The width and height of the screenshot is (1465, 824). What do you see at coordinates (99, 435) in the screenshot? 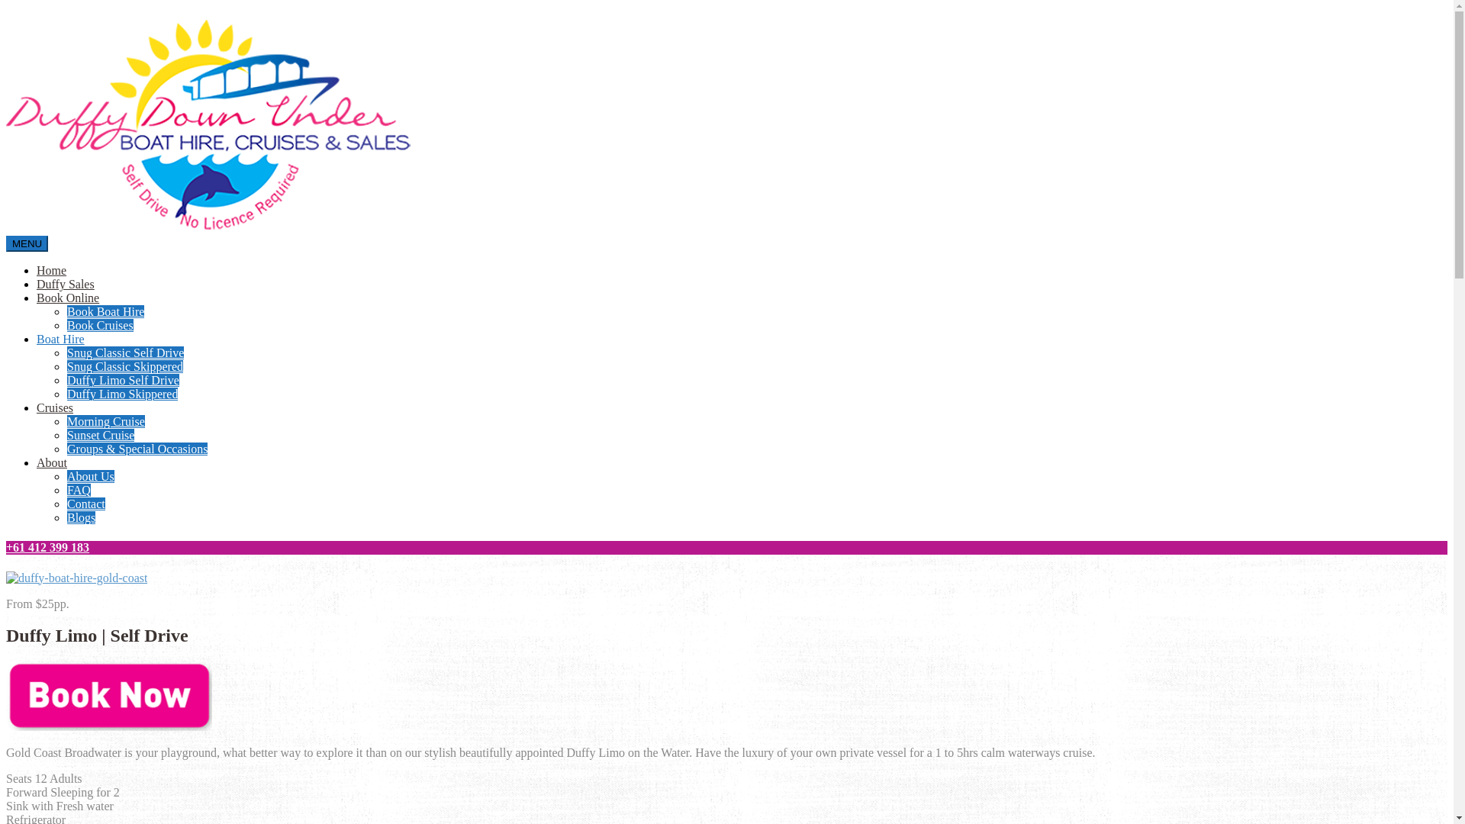
I see `'Sunset Cruise'` at bounding box center [99, 435].